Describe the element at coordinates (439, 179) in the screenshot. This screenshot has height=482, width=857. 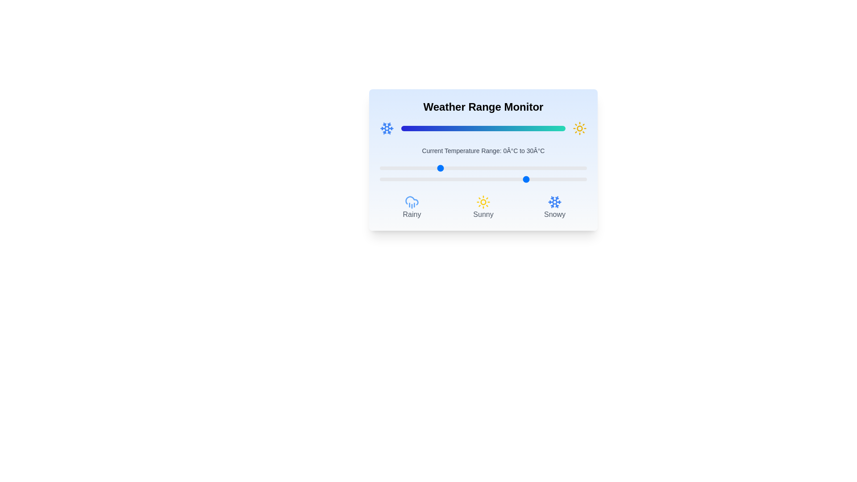
I see `temperature` at that location.